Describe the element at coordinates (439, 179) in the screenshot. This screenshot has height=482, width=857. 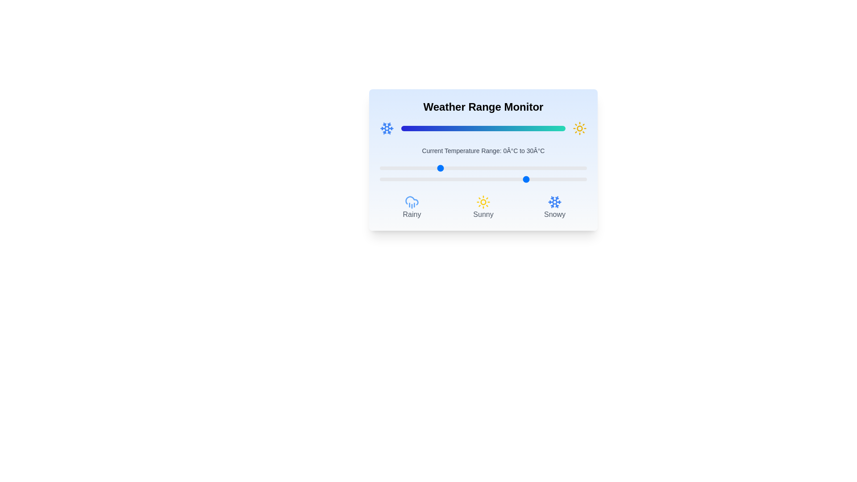
I see `temperature` at that location.